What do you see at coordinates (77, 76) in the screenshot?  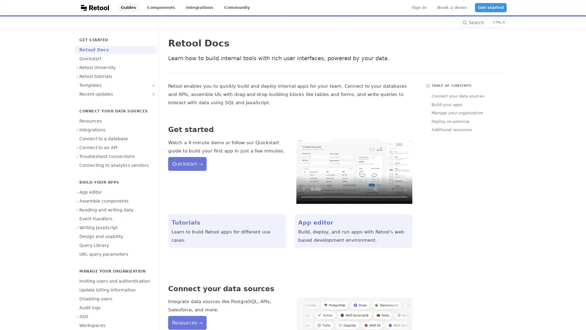 I see `Show subpages for Retool tutorials` at bounding box center [77, 76].